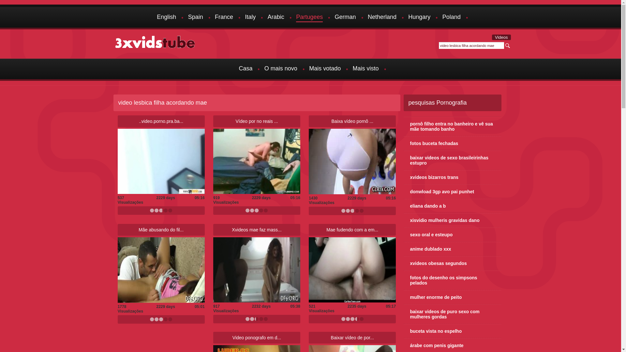 The image size is (626, 352). Describe the element at coordinates (166, 17) in the screenshot. I see `'English'` at that location.